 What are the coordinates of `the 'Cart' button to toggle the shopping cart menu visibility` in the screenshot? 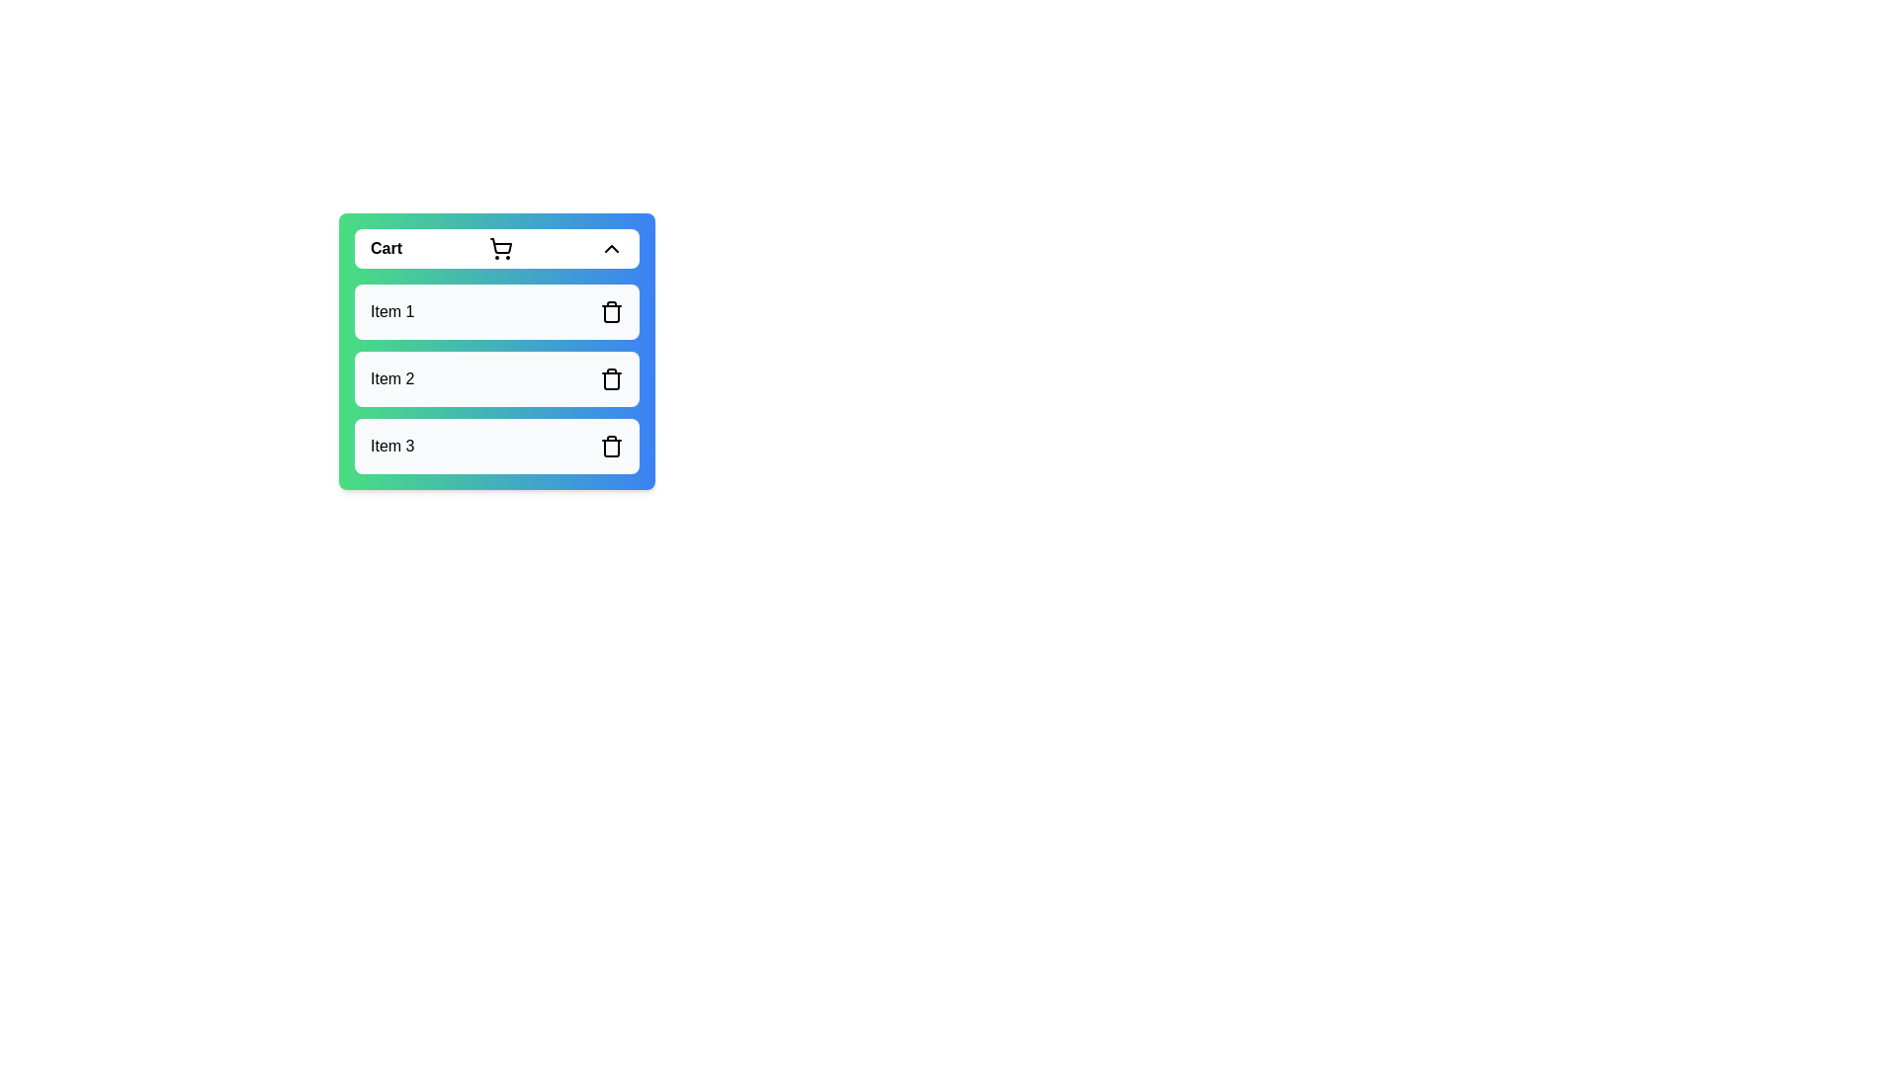 It's located at (497, 247).